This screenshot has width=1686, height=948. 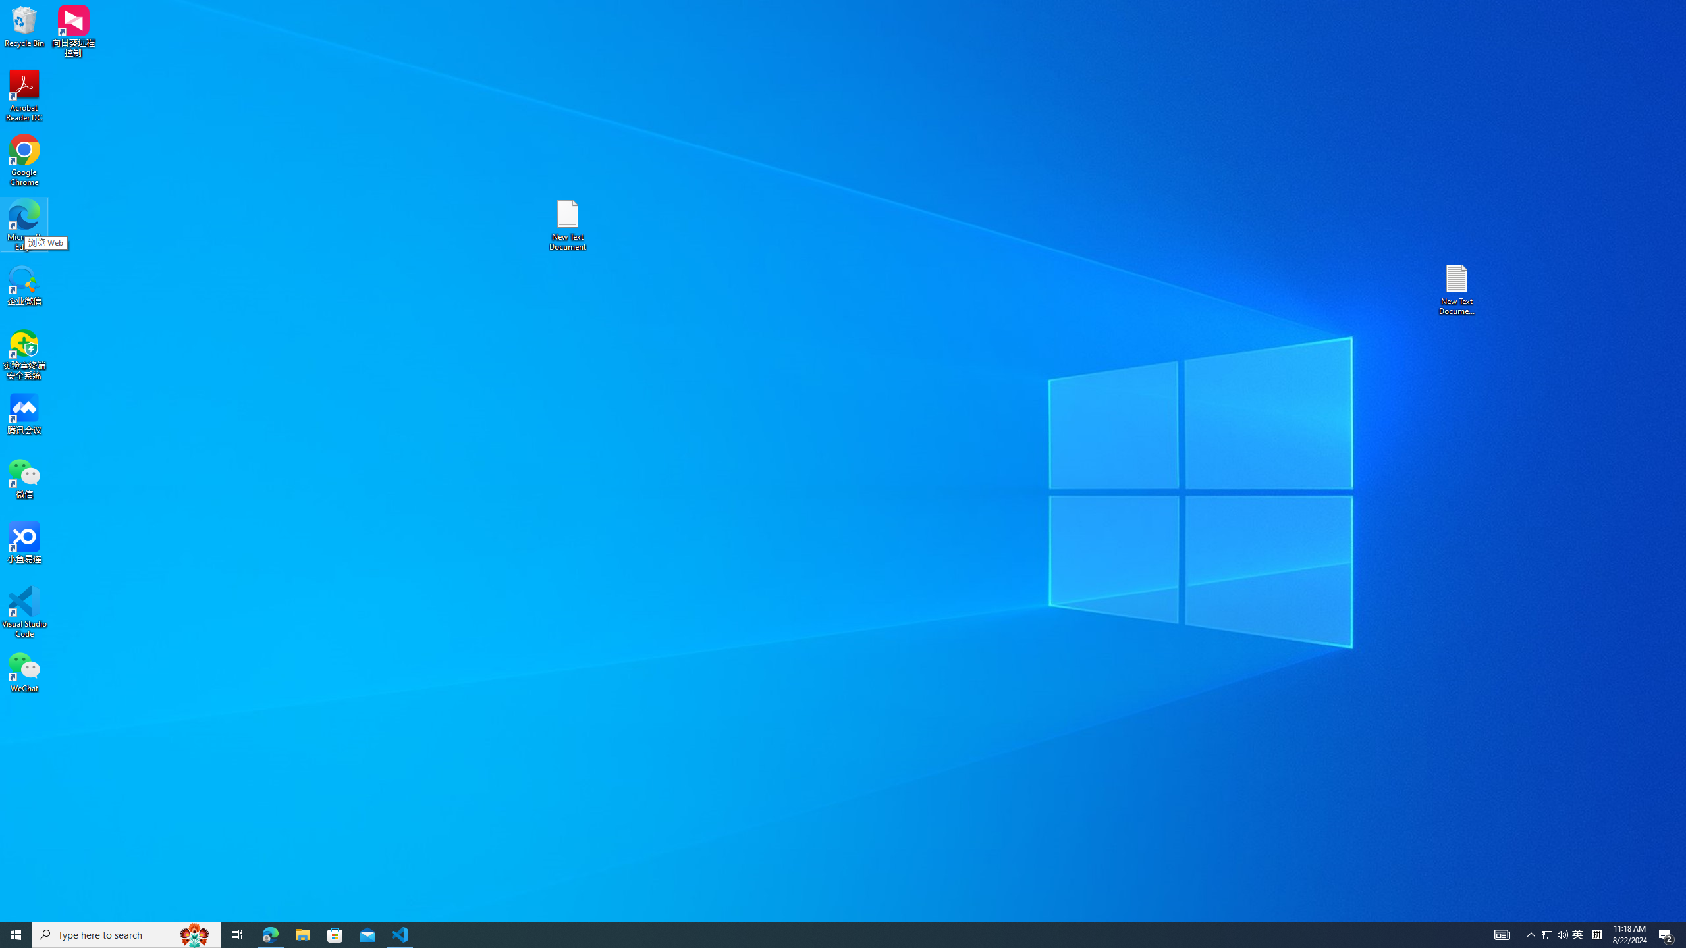 What do you see at coordinates (1554, 934) in the screenshot?
I see `'User Promoted Notification Area'` at bounding box center [1554, 934].